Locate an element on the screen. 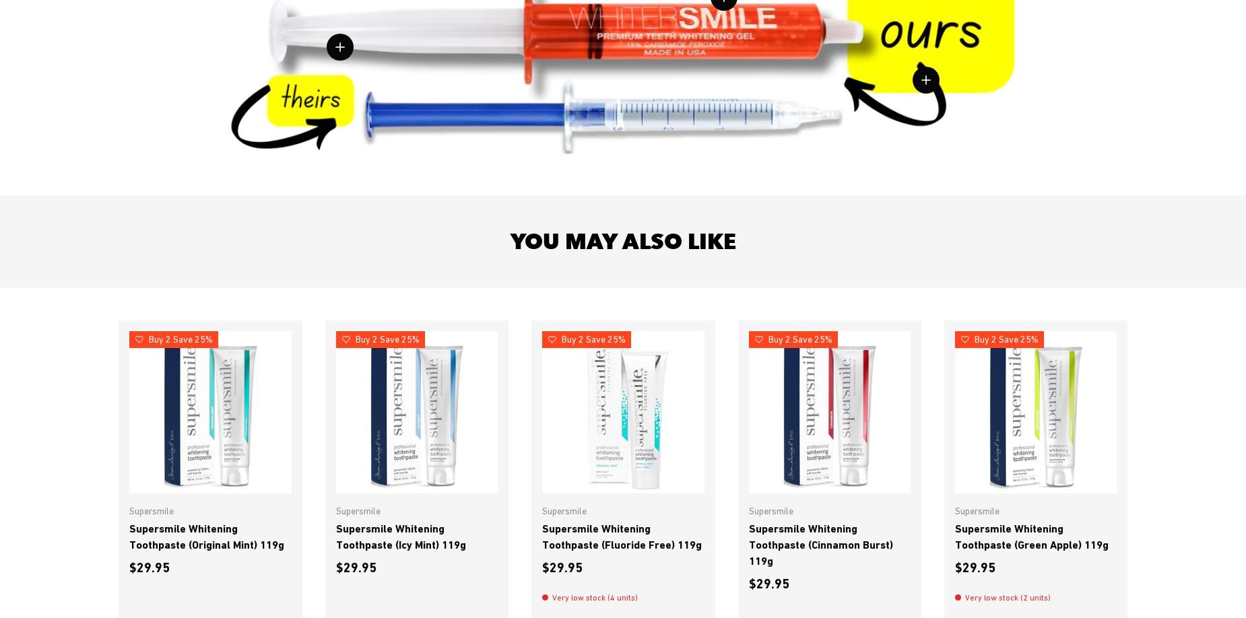 The image size is (1246, 618). 'Supersmile Whitening Toothpaste (Fluoride Free) 119g' is located at coordinates (622, 536).